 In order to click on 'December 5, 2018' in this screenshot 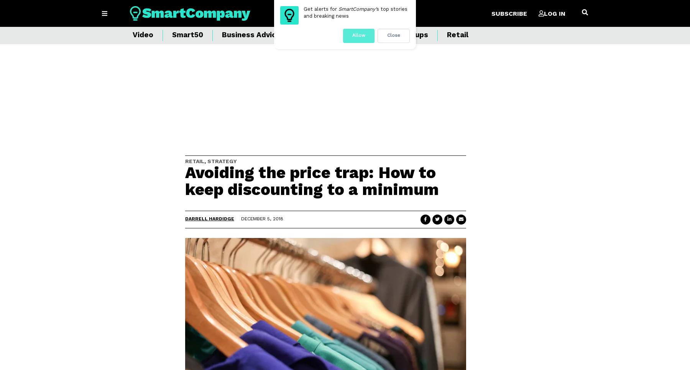, I will do `click(262, 218)`.